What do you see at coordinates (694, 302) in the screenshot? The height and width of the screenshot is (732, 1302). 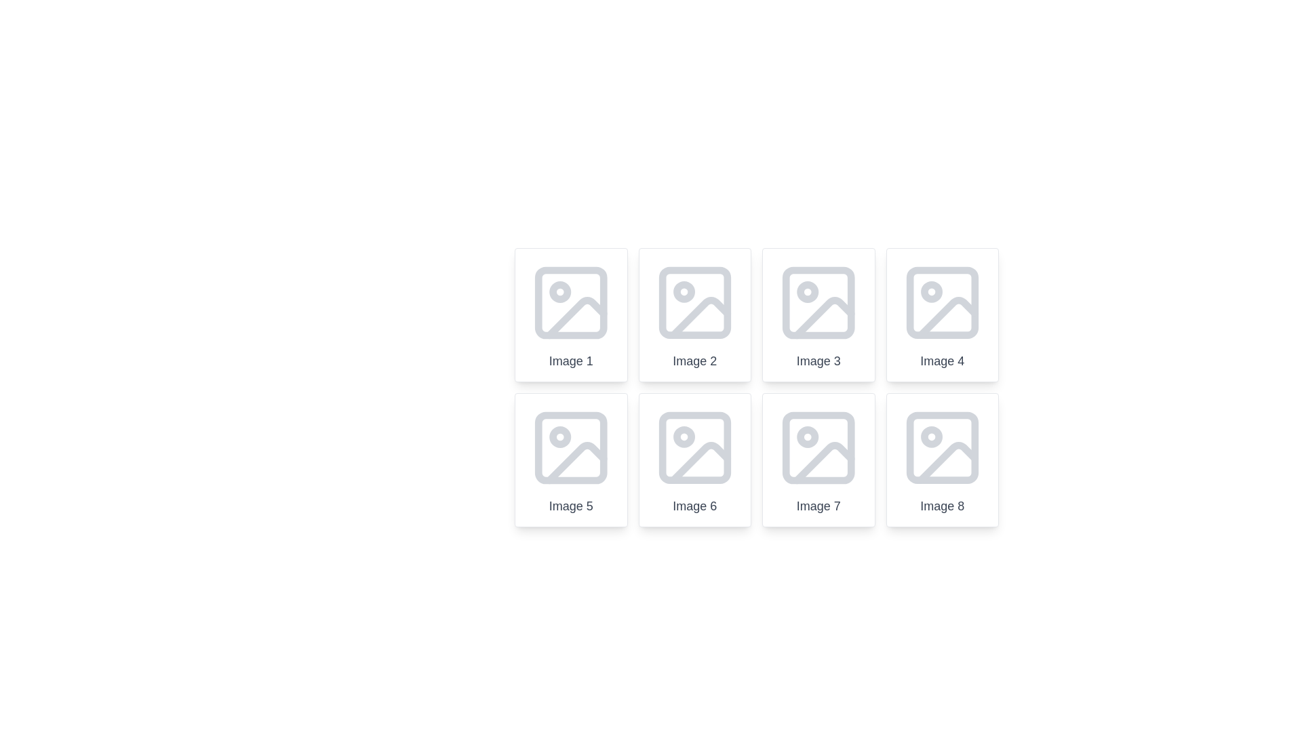 I see `the SVG-based image icon styled in light gray, located in the second column of the first row in a 4x2 grid layout, which is adjacent to 'Image 1' on the left and 'Image 3' on the right` at bounding box center [694, 302].